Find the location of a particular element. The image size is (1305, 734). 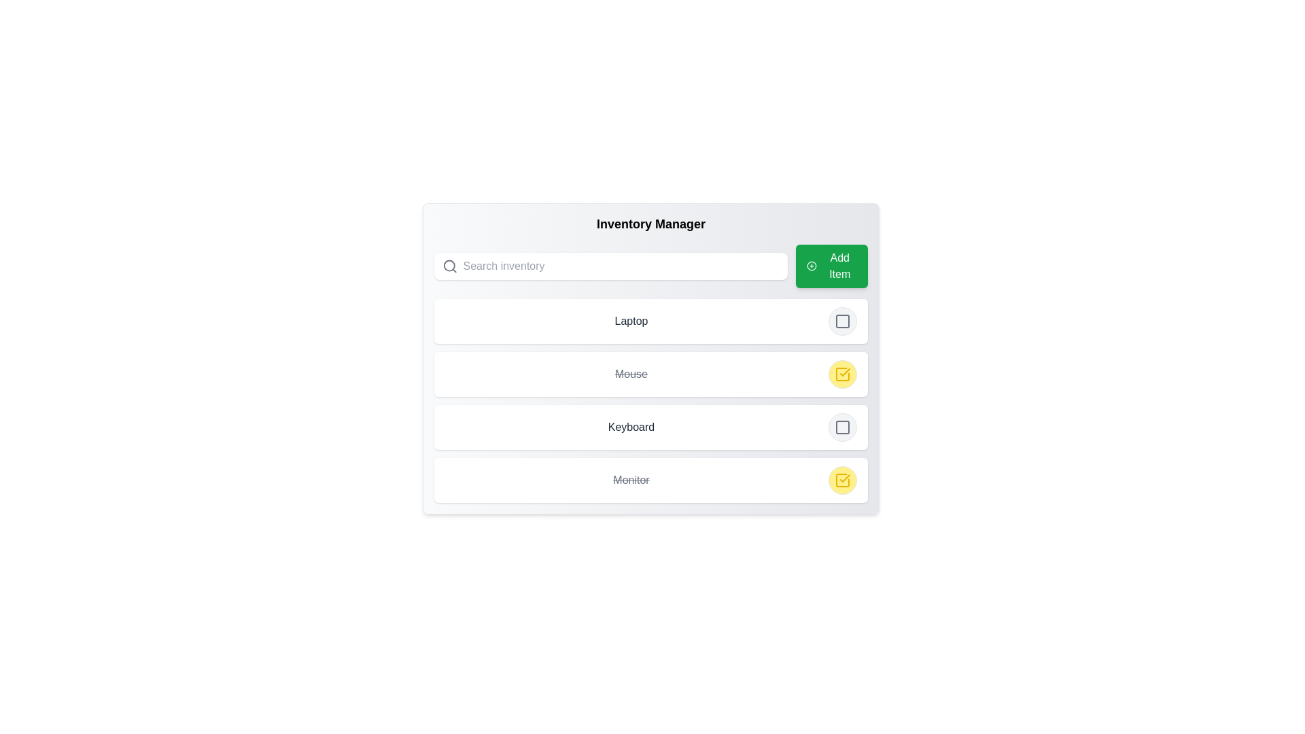

the 'Laptop' text label in the inventory list, which serves as a descriptive element for the item is located at coordinates (631, 321).